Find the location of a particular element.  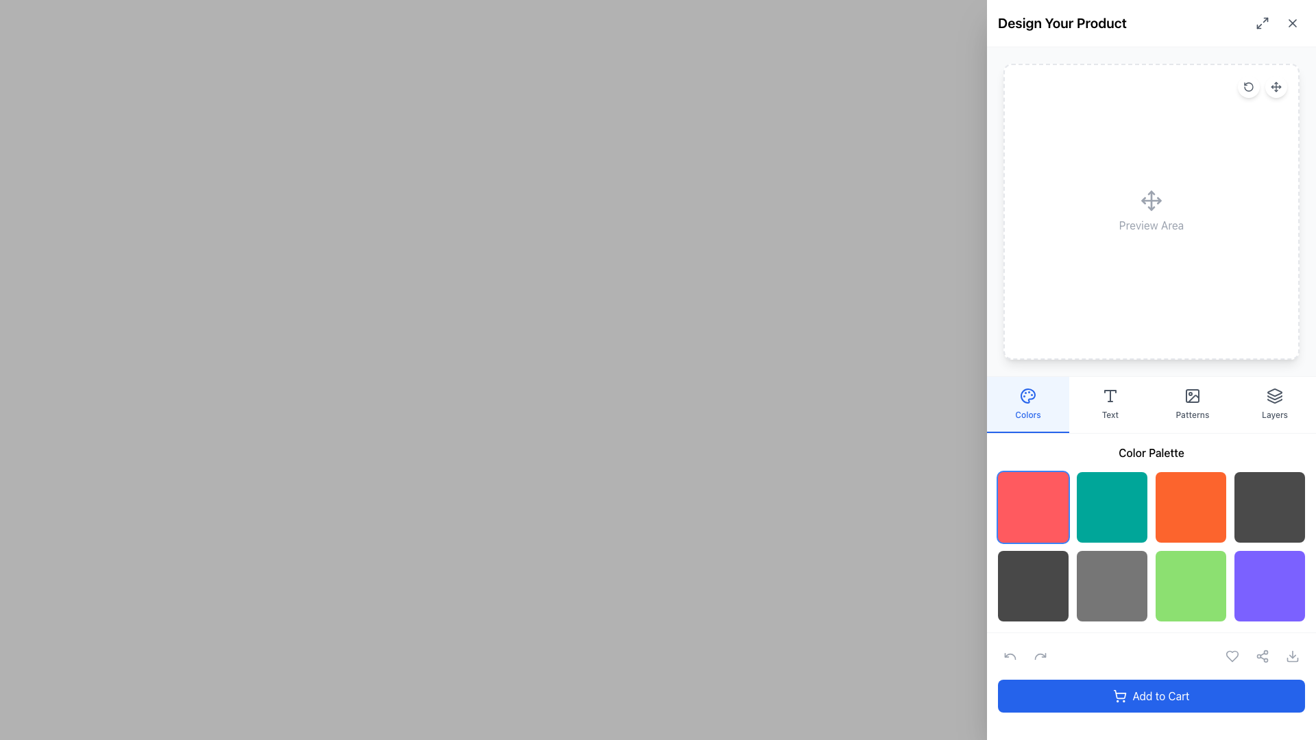

the leftward curved arrow button that represents the undo action, which is styled as a small icon and is the first button in a horizontal layout below the color palette is located at coordinates (1010, 655).